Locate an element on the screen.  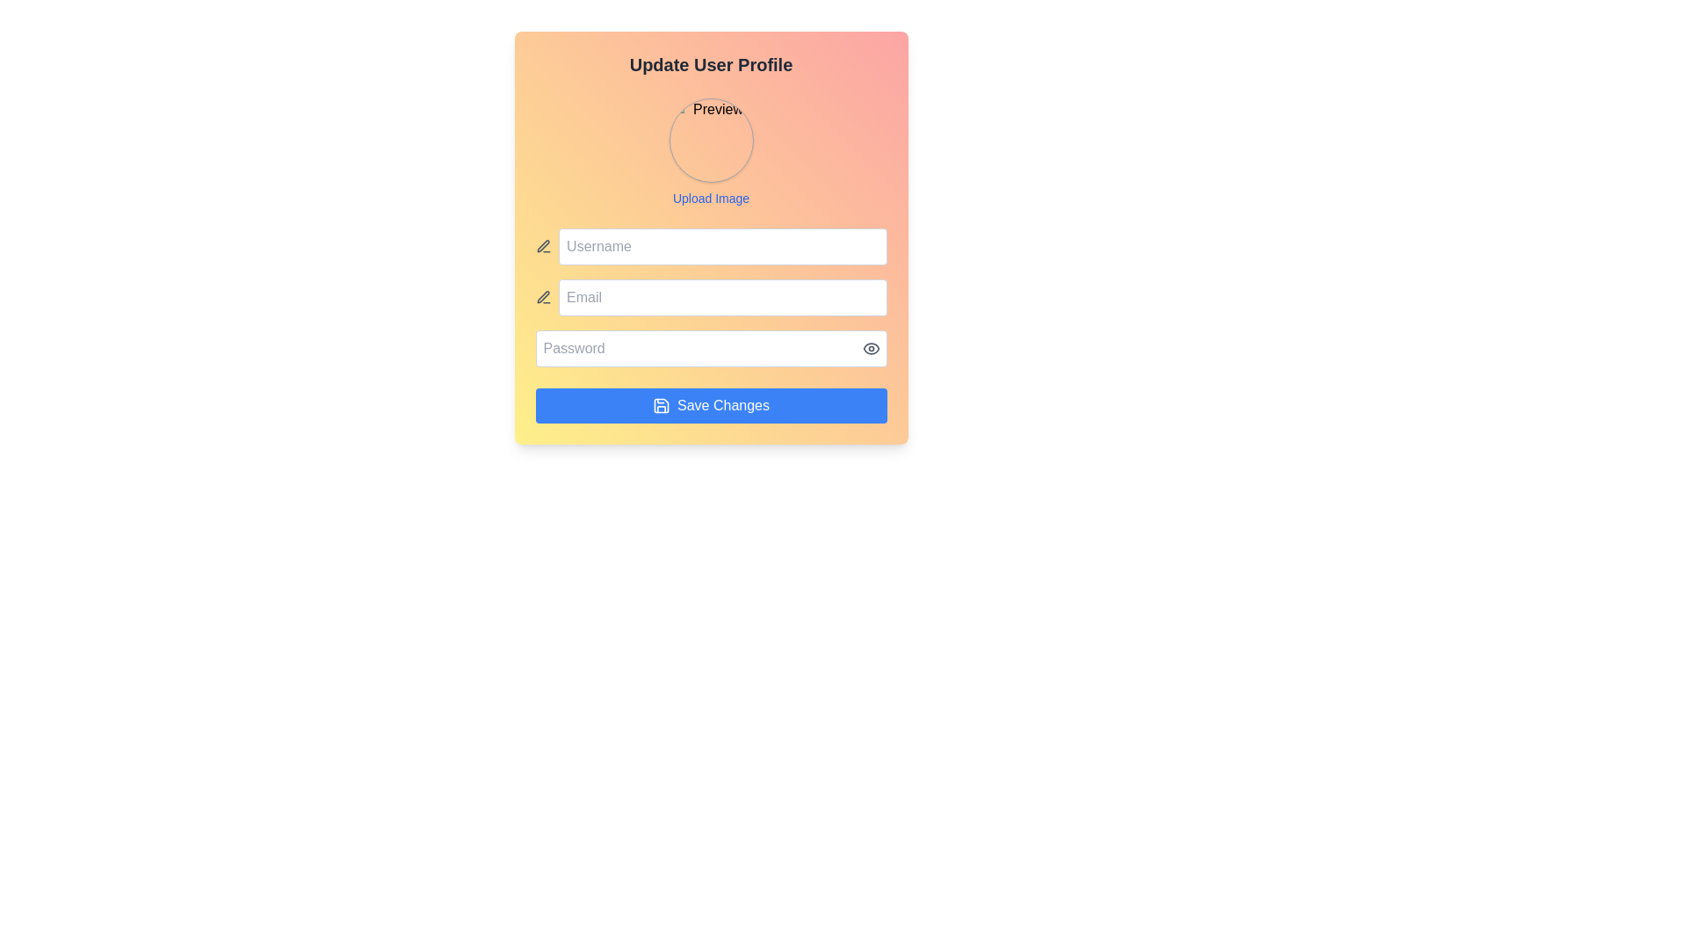
the toggle button located on the far right inside the Password input field is located at coordinates (871, 349).